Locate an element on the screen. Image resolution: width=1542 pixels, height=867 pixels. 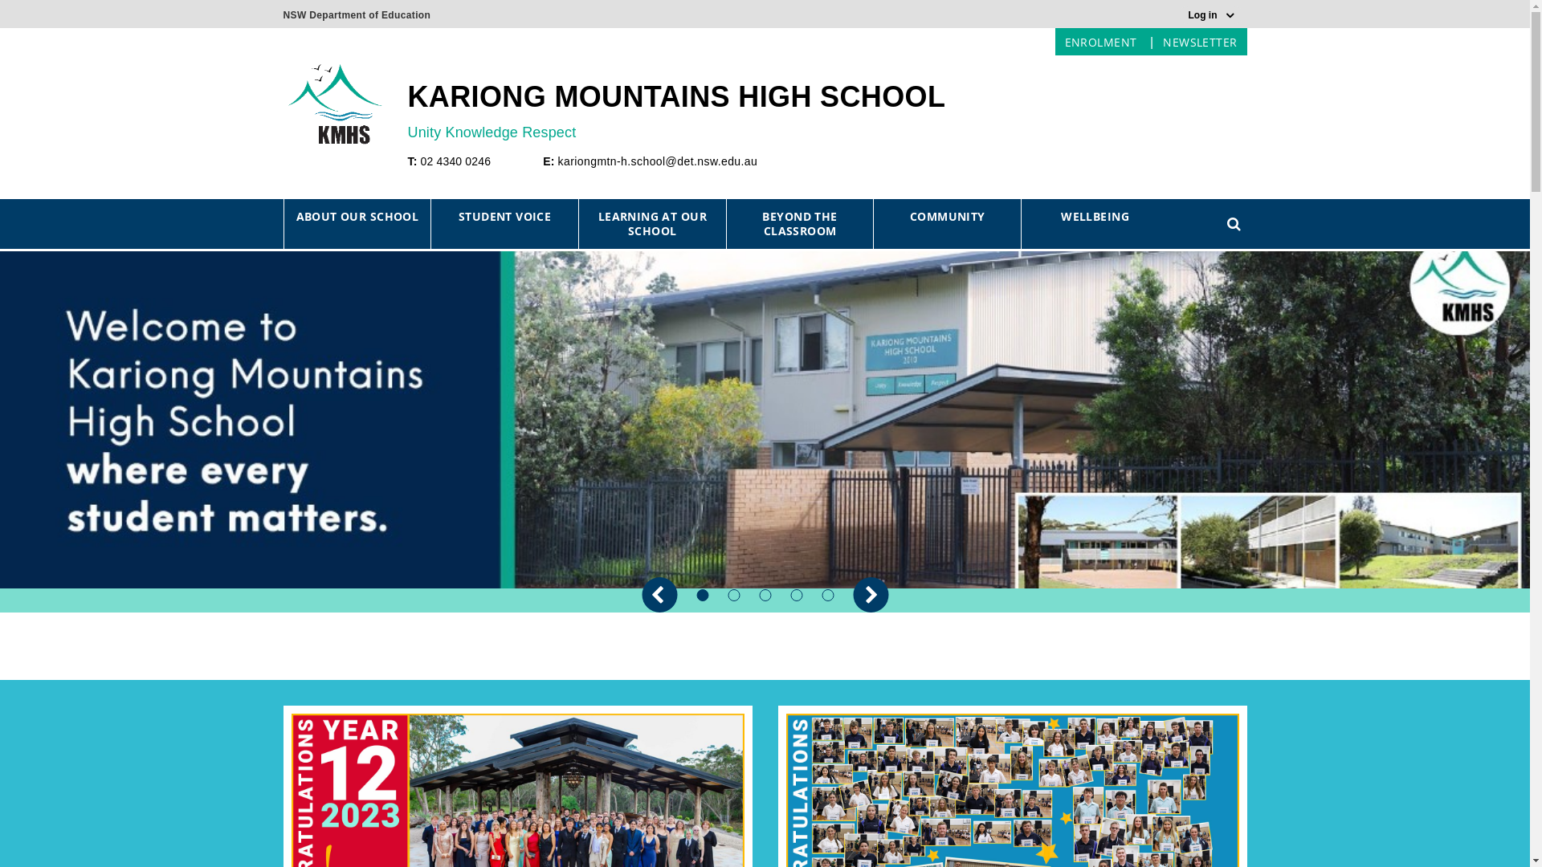
'WELLBEING' is located at coordinates (1094, 217).